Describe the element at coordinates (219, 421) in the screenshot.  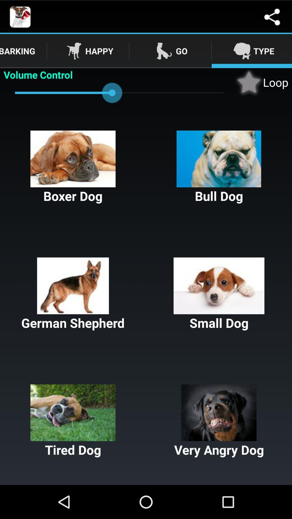
I see `button to the right of the tired dog` at that location.